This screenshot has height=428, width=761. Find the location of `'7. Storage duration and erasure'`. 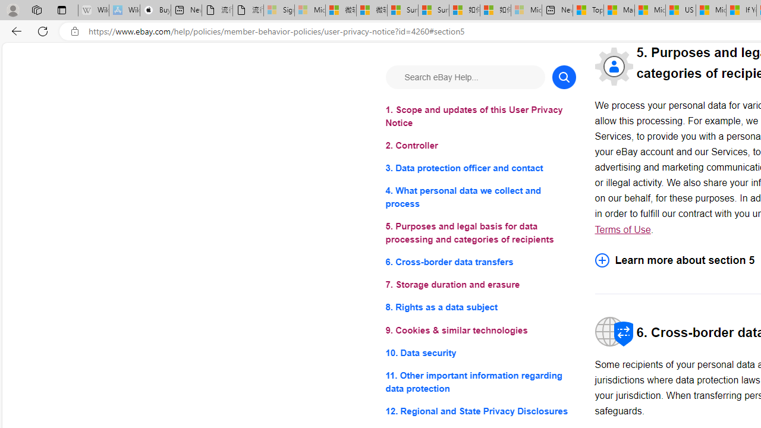

'7. Storage duration and erasure' is located at coordinates (480, 285).